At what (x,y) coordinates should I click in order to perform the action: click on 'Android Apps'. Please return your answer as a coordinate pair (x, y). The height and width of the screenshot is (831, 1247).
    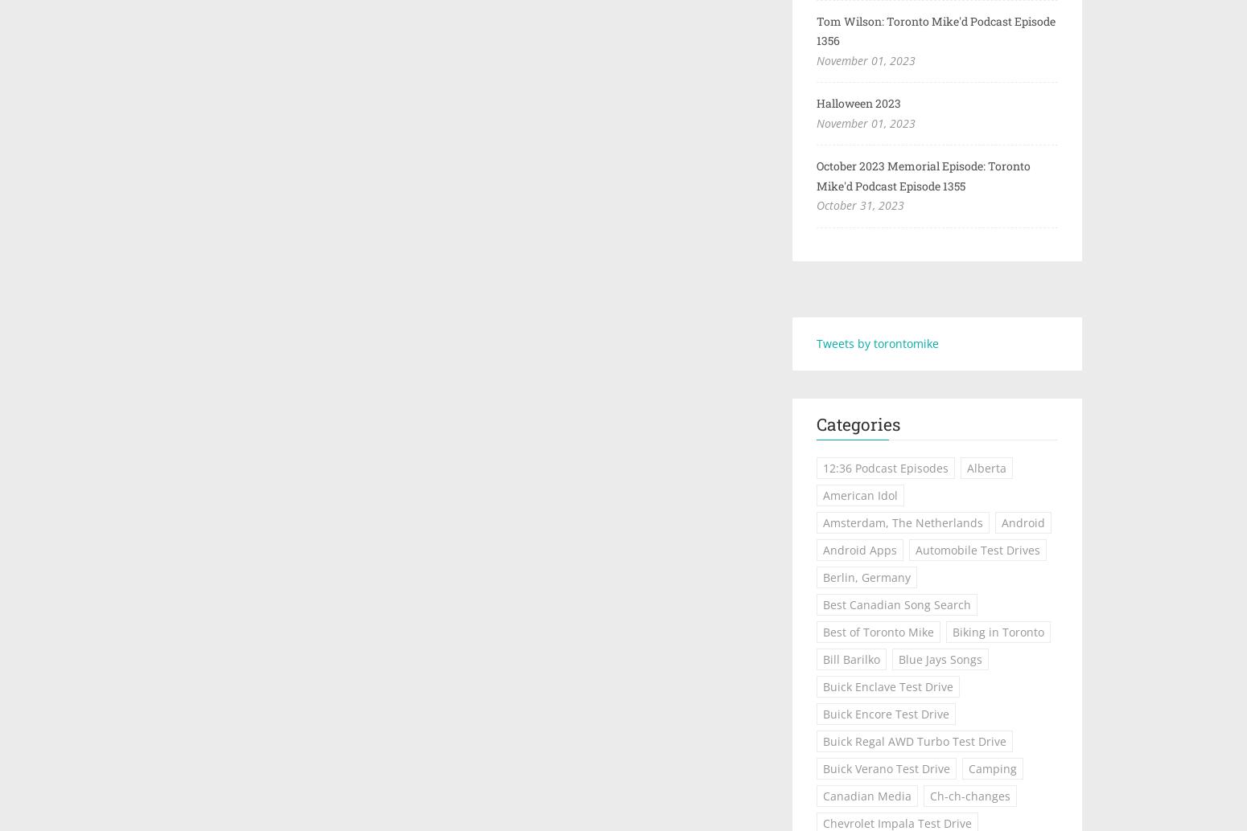
    Looking at the image, I should click on (860, 550).